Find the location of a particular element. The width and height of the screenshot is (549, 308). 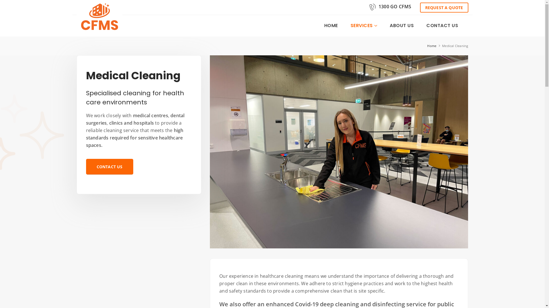

'ABOUT US' is located at coordinates (384, 25).